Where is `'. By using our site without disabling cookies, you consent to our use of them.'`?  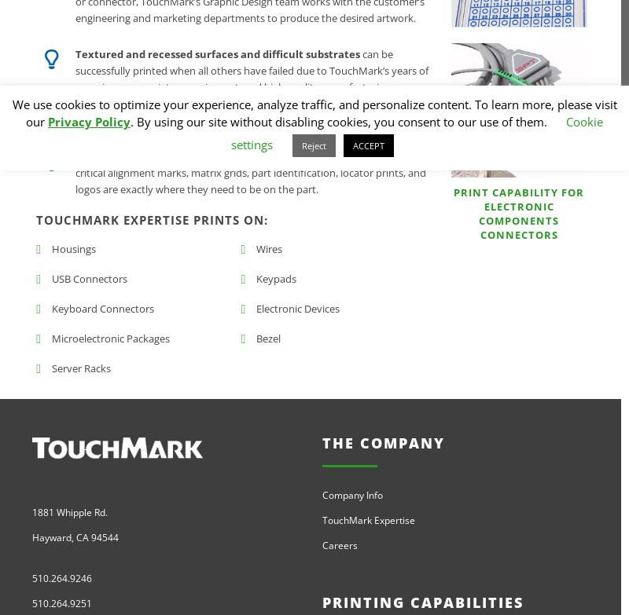 '. By using our site without disabling cookies, you consent to our use of them.' is located at coordinates (340, 122).